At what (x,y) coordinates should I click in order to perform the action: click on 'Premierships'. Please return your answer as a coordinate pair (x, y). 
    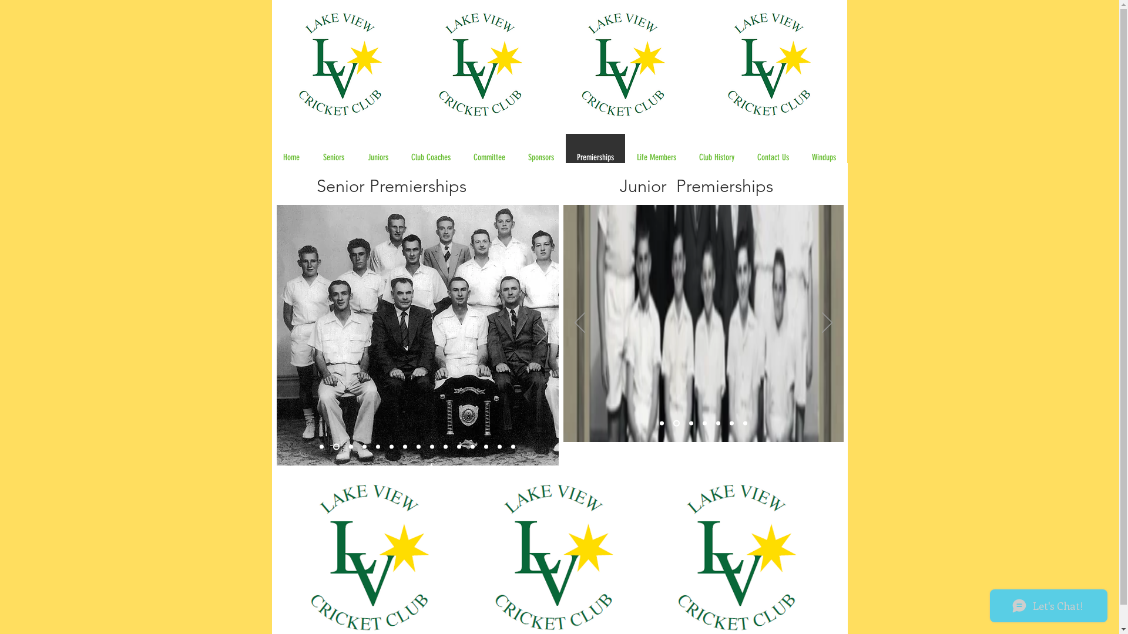
    Looking at the image, I should click on (595, 157).